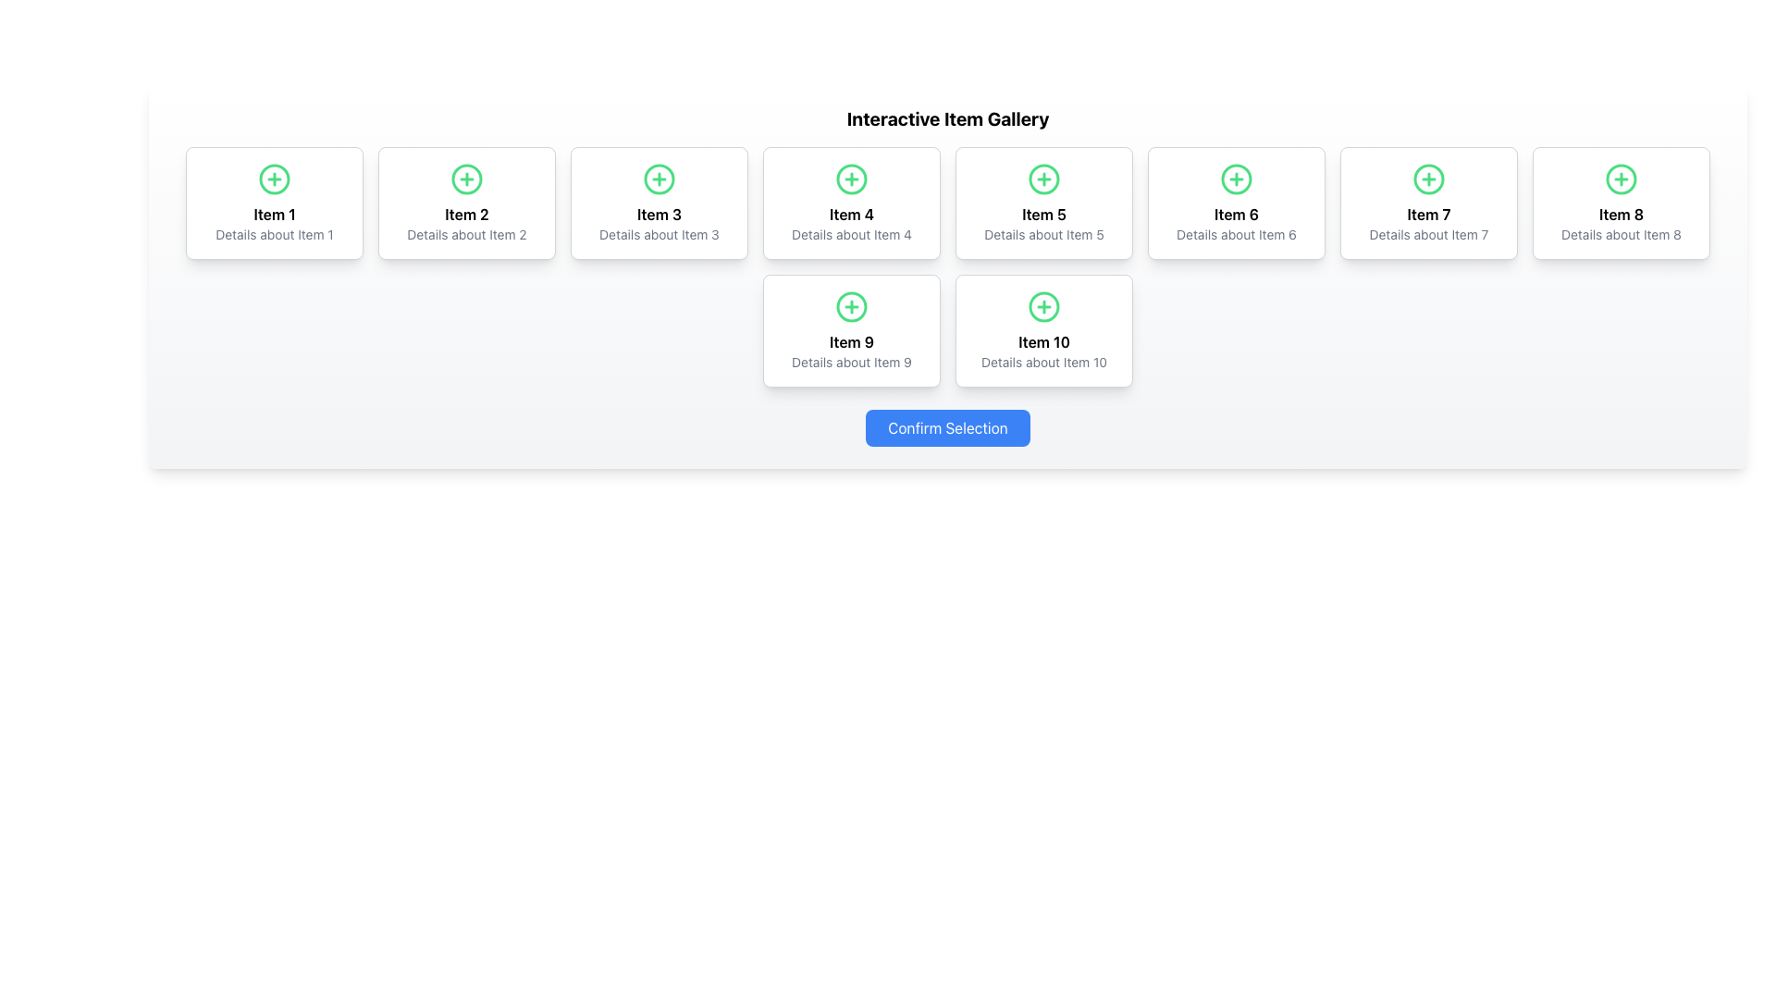 This screenshot has height=999, width=1776. What do you see at coordinates (1237, 179) in the screenshot?
I see `the button located in the top right corner of the box labeled 'Item 6' in the second row of the interface, which signifies an additive action` at bounding box center [1237, 179].